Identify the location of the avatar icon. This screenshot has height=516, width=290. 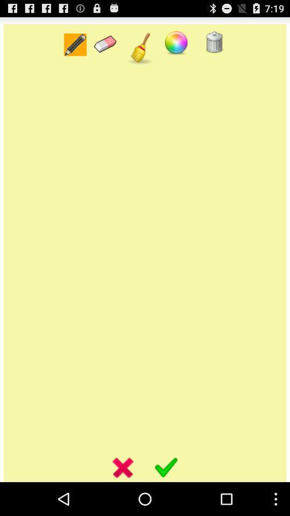
(176, 46).